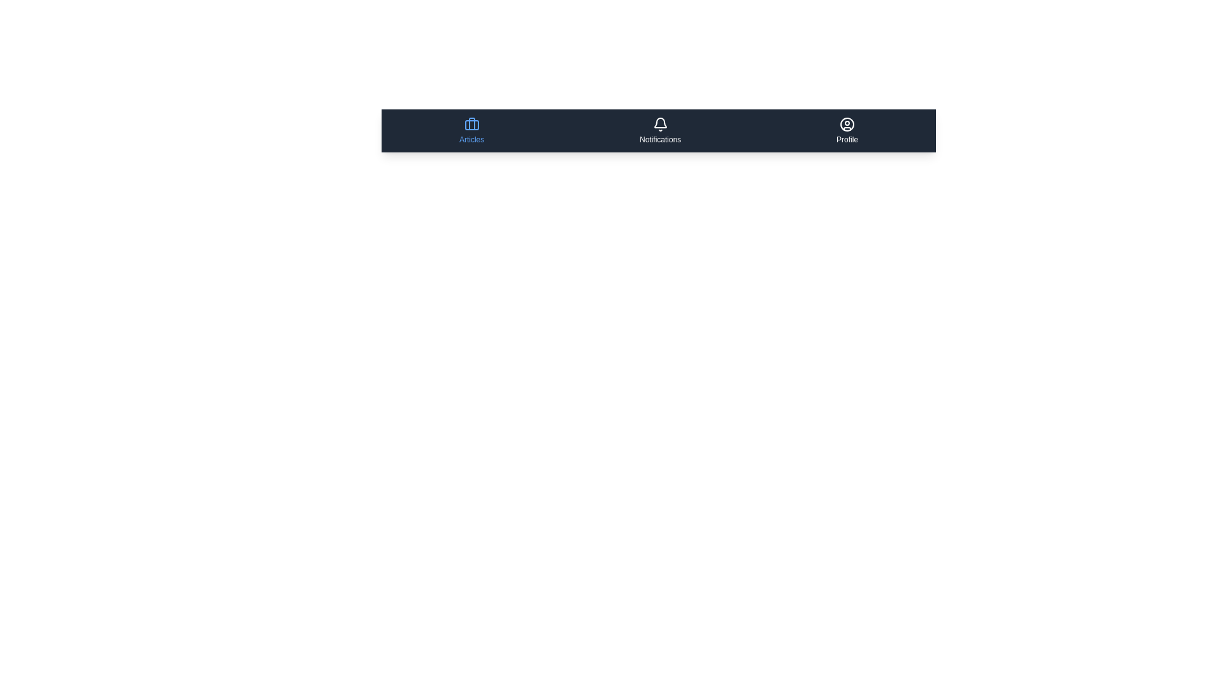  What do you see at coordinates (847, 131) in the screenshot?
I see `the Profile menu item to navigate` at bounding box center [847, 131].